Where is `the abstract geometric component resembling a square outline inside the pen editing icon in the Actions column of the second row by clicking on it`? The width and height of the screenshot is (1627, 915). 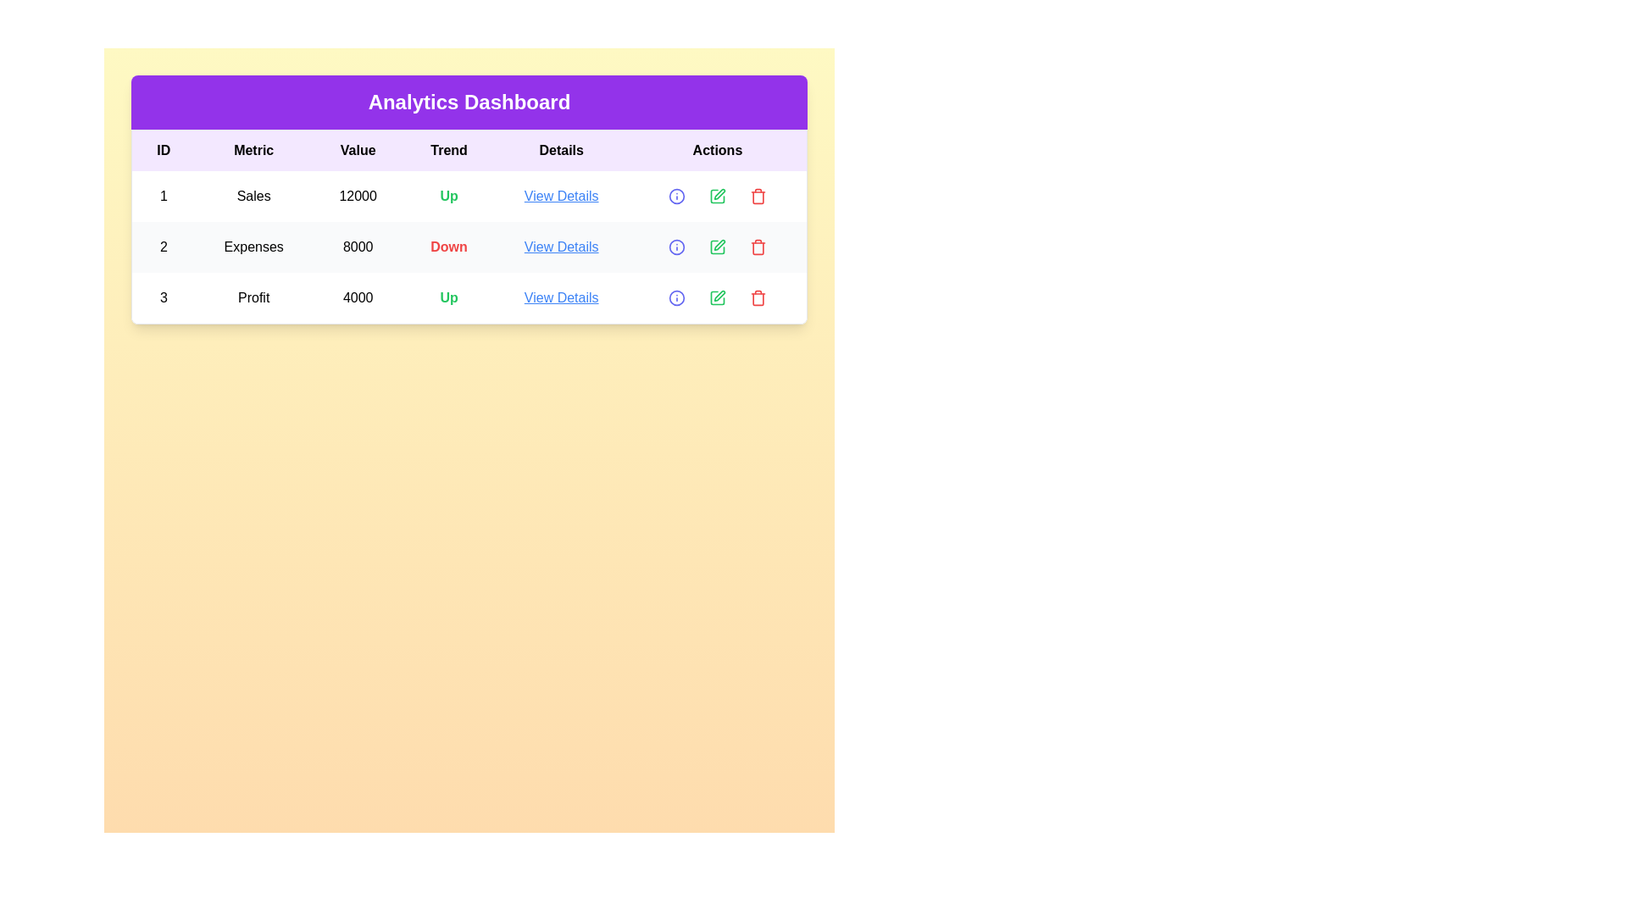
the abstract geometric component resembling a square outline inside the pen editing icon in the Actions column of the second row by clicking on it is located at coordinates (717, 247).